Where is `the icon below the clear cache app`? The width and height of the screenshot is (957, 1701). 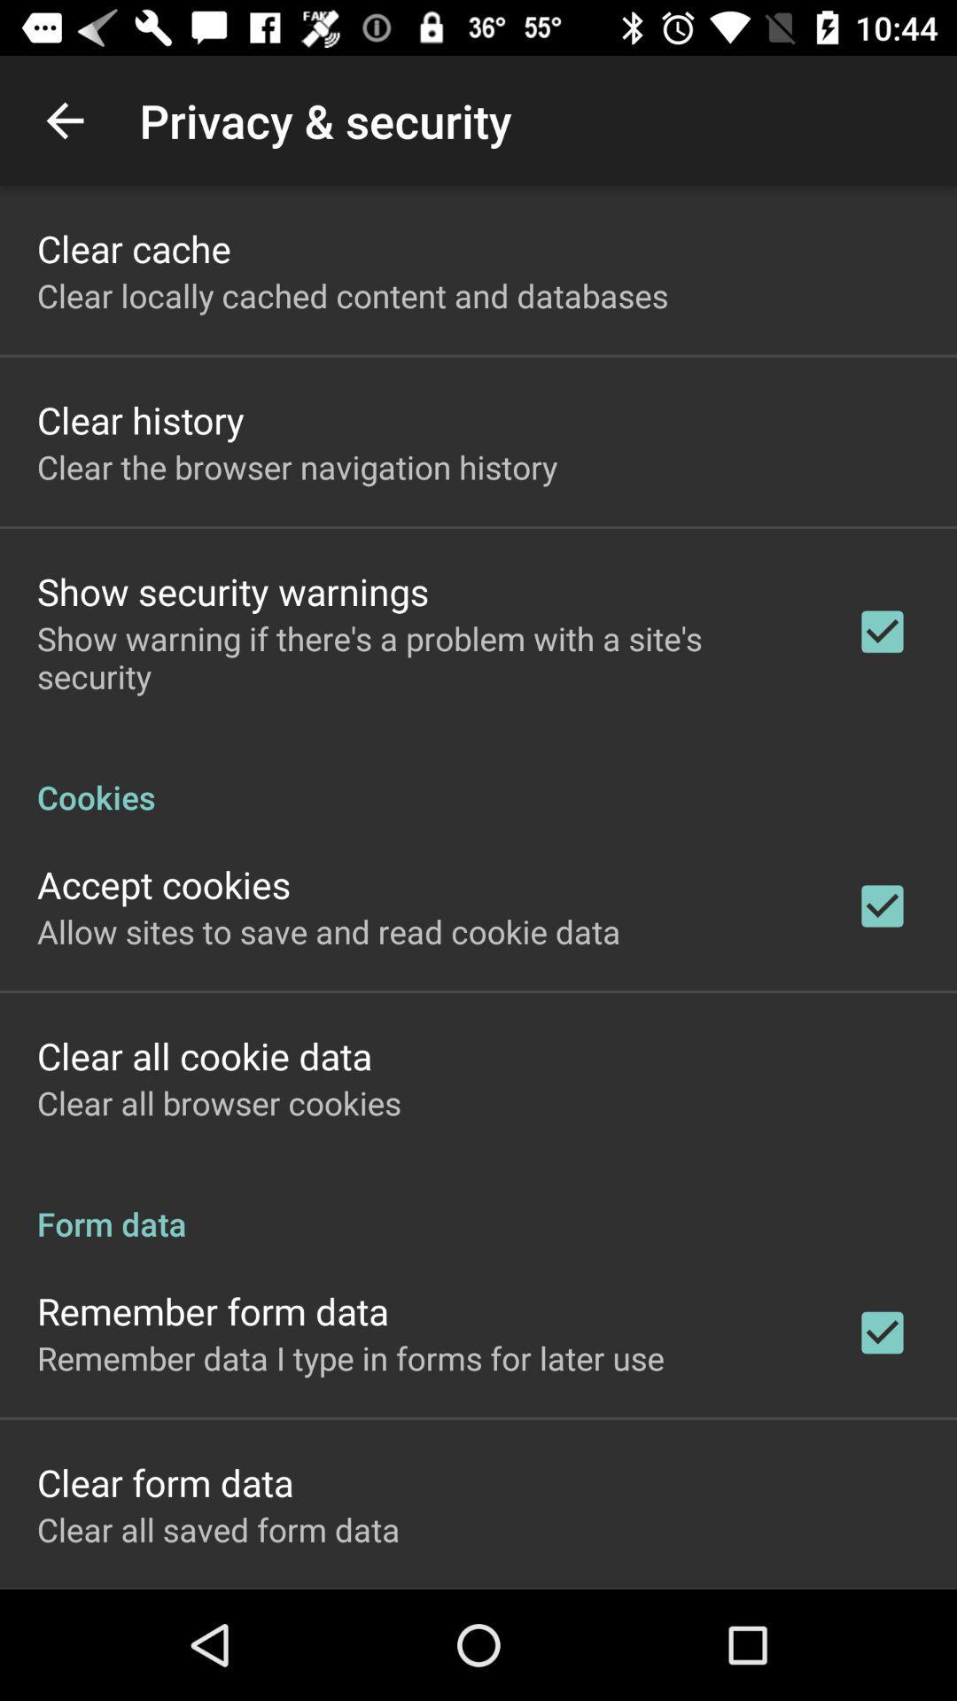
the icon below the clear cache app is located at coordinates (353, 295).